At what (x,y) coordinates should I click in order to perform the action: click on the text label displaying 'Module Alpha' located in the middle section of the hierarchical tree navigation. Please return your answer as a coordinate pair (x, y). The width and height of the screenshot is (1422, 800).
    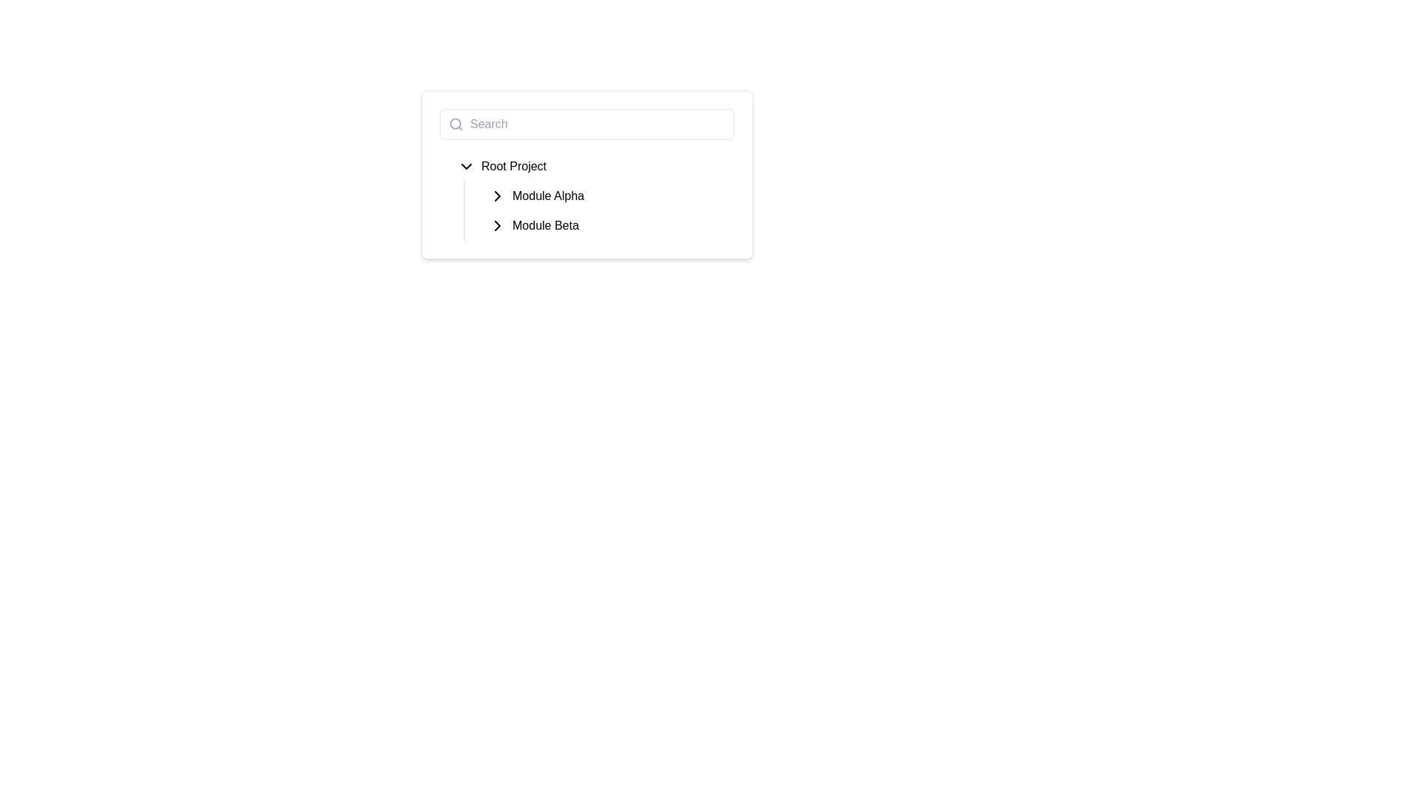
    Looking at the image, I should click on (547, 196).